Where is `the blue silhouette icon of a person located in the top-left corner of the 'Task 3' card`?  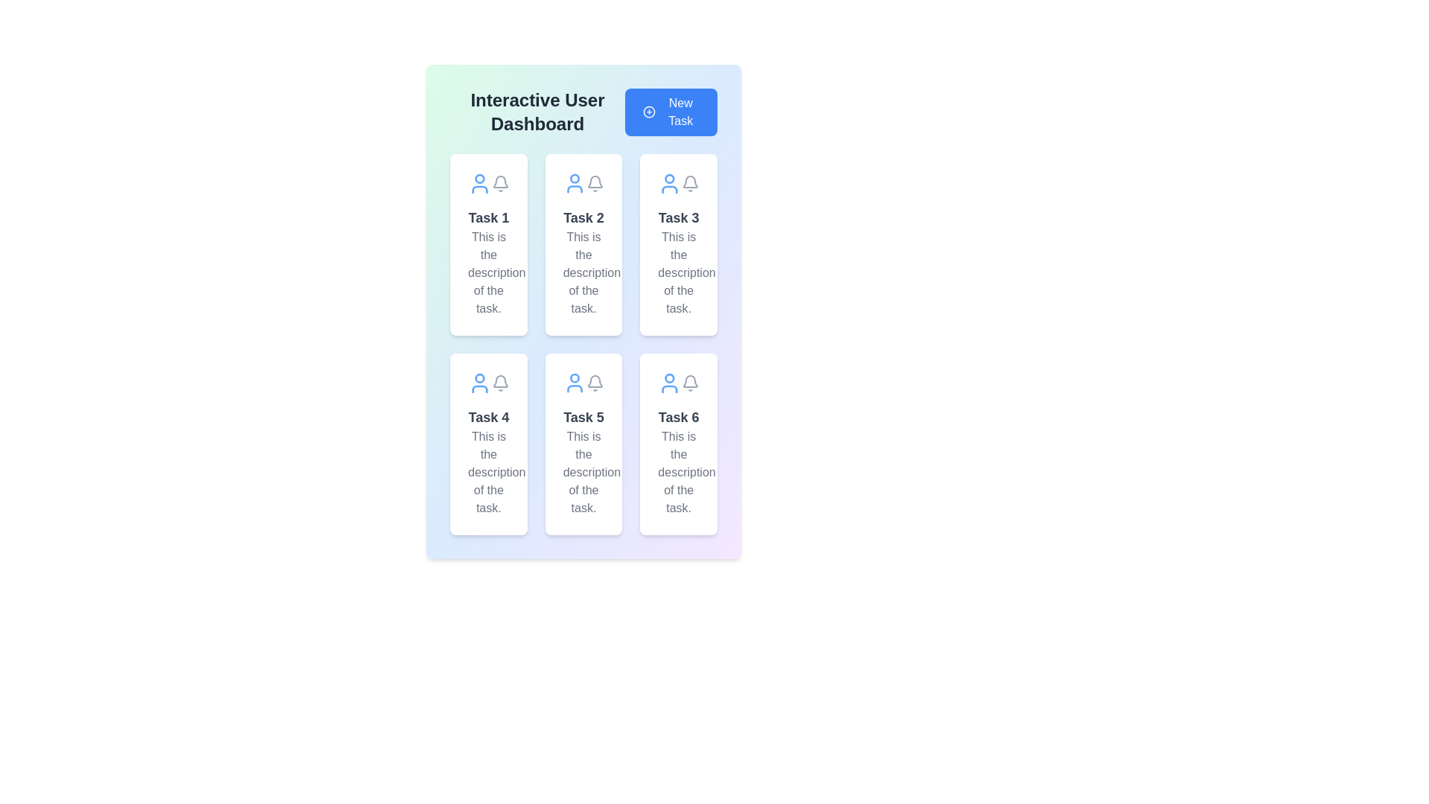
the blue silhouette icon of a person located in the top-left corner of the 'Task 3' card is located at coordinates (669, 182).